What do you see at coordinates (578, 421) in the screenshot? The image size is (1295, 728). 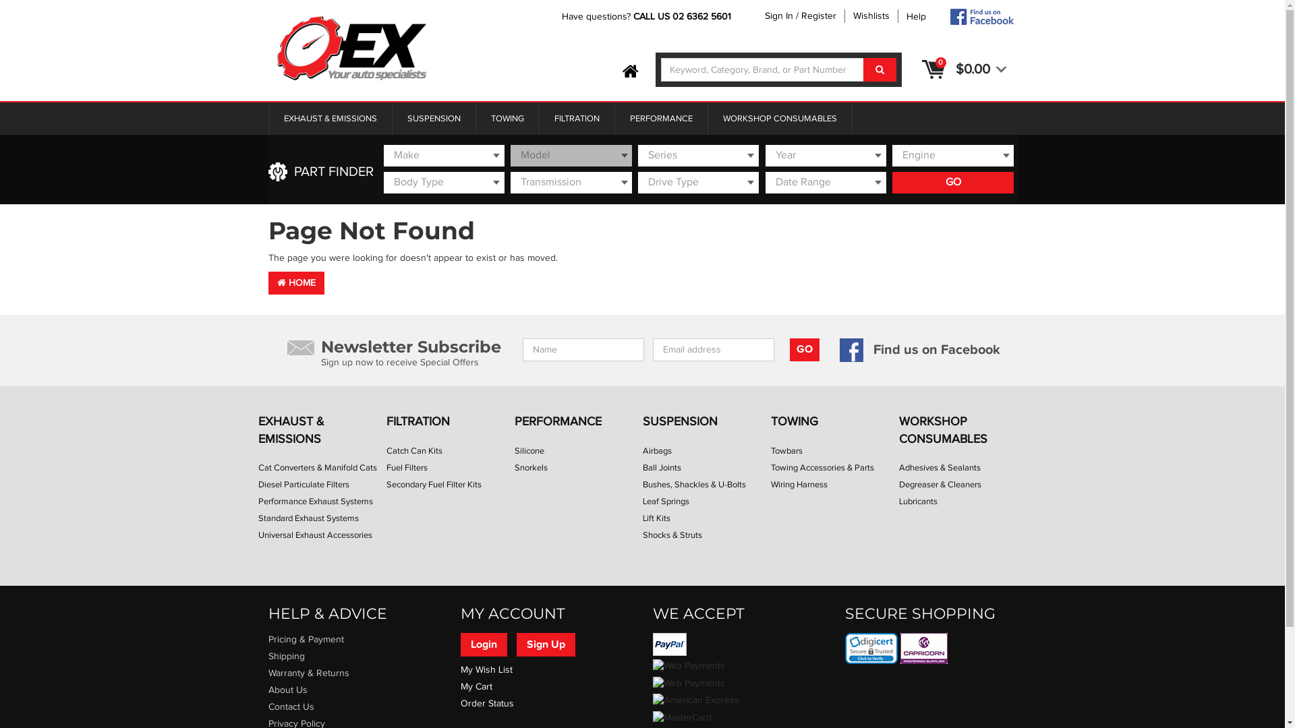 I see `'PERFORMANCE'` at bounding box center [578, 421].